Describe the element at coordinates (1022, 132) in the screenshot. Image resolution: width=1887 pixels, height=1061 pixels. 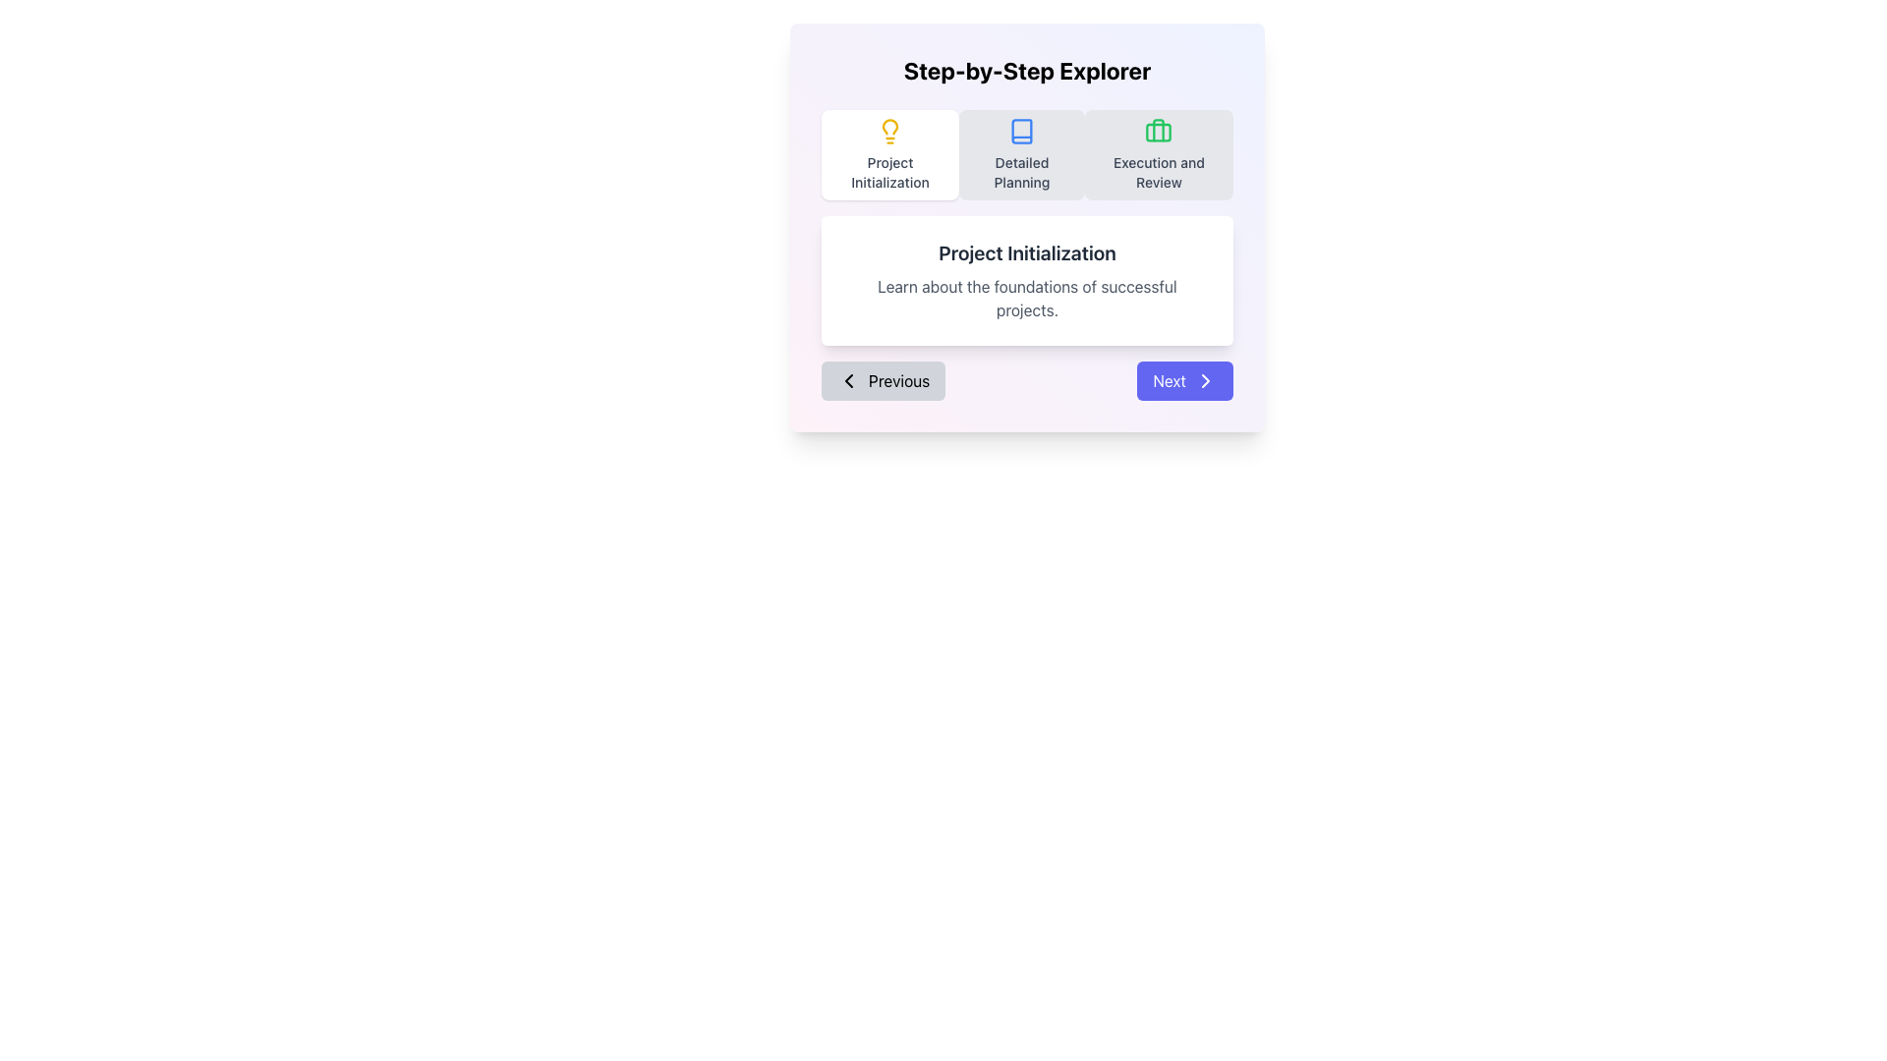
I see `the small blue outlined book icon located above the 'Detailed Planning' button's text label by clicking on it` at that location.